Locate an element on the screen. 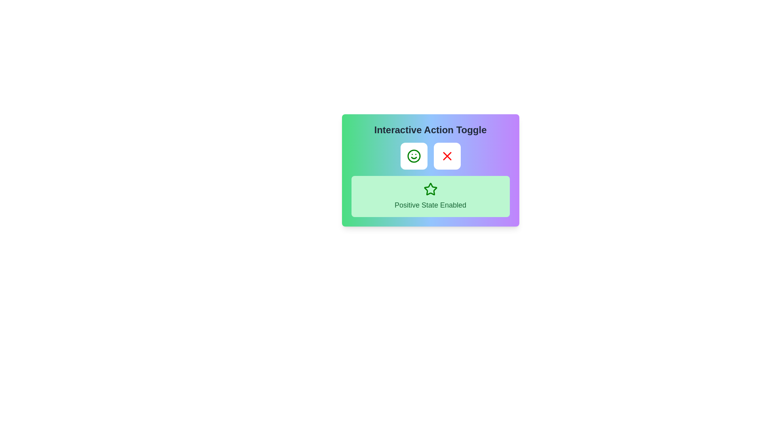  the red 'X' icon, which is located in the top section of a rectangular card, right of the green smiley face icon and above the green star icon is located at coordinates (447, 156).